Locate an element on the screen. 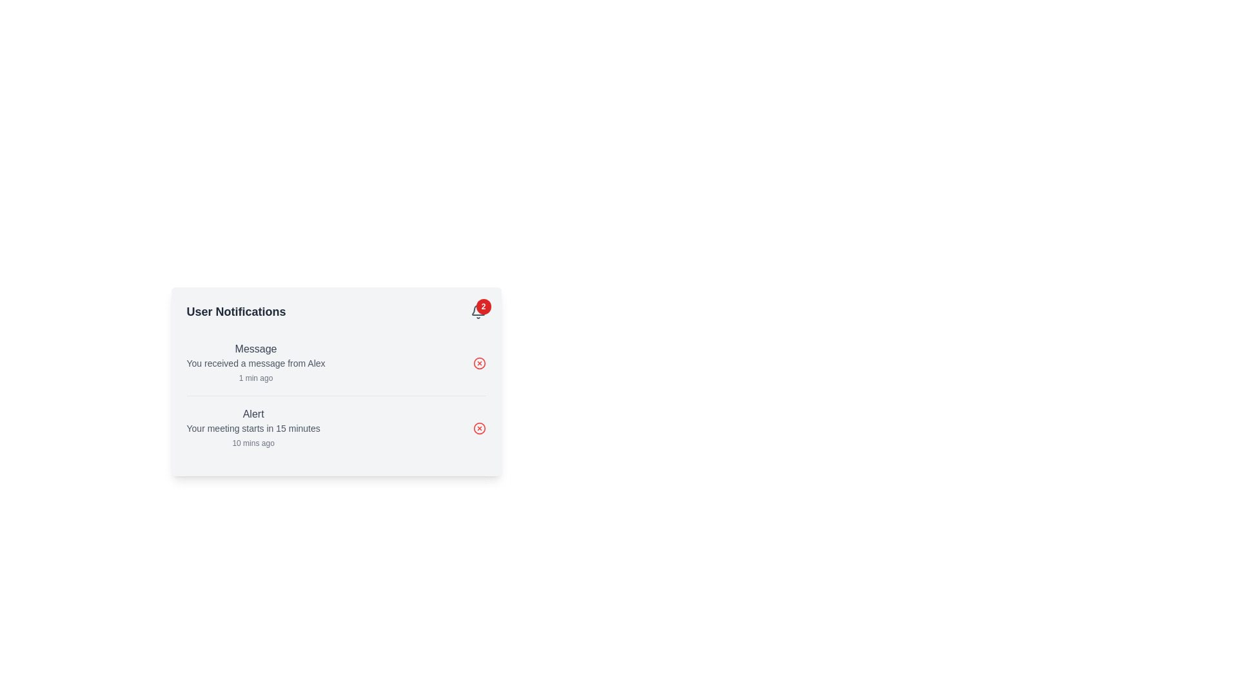  the static text label at the top of the notification entry in the User Notifications panel is located at coordinates (256, 349).